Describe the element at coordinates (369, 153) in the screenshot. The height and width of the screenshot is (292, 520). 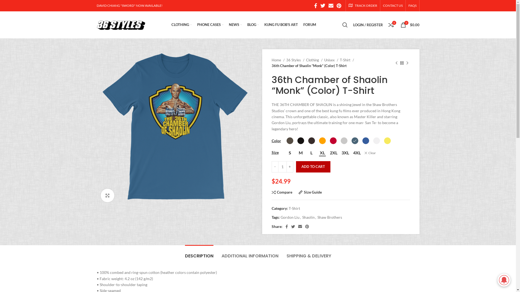
I see `'Clear'` at that location.